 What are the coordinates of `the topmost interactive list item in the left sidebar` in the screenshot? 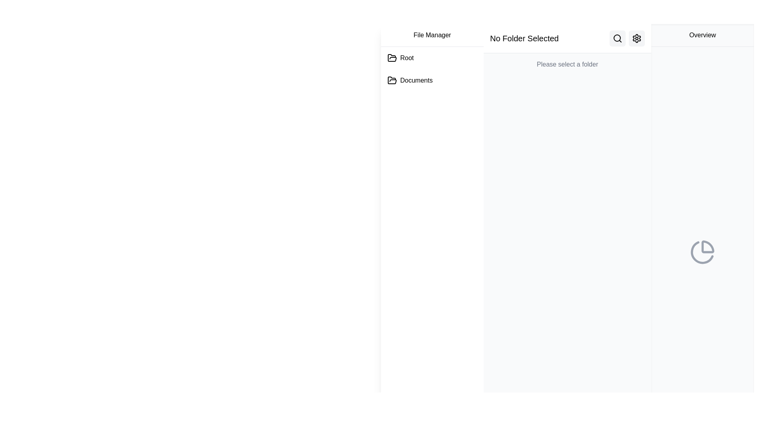 It's located at (400, 58).